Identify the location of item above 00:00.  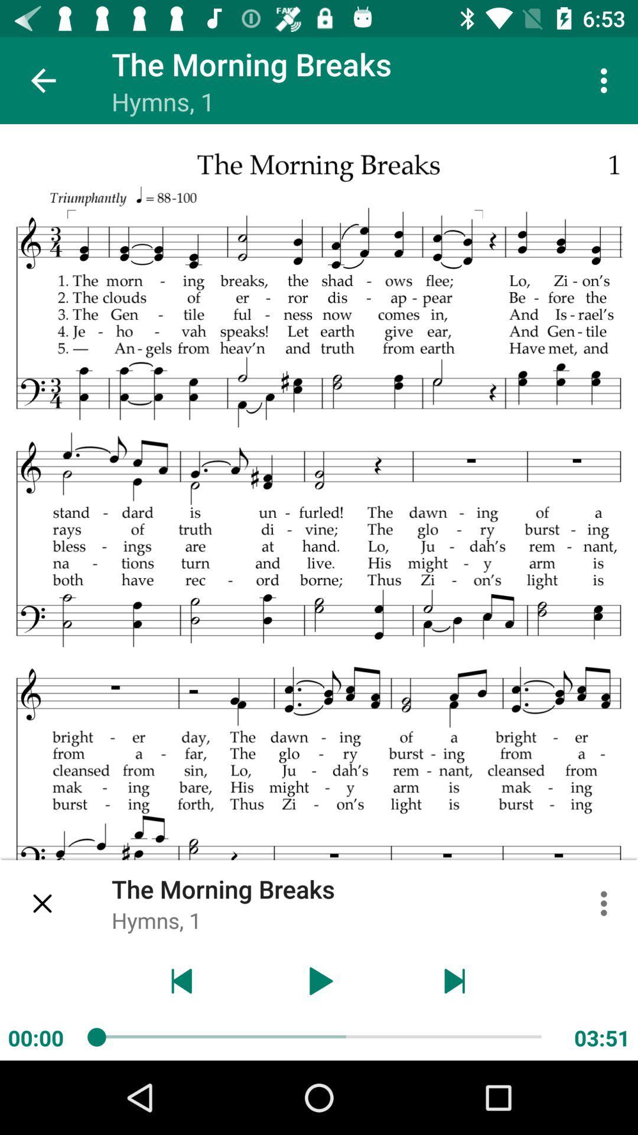
(43, 903).